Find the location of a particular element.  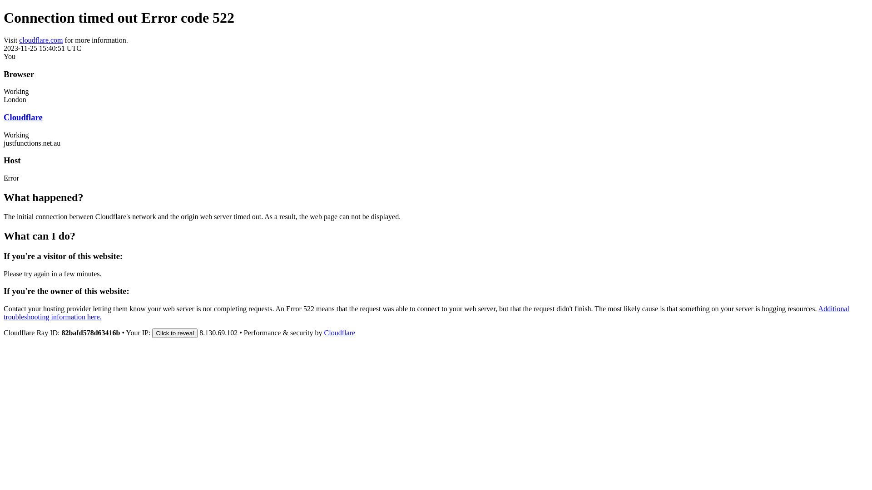

'Click to reveal' is located at coordinates (174, 333).